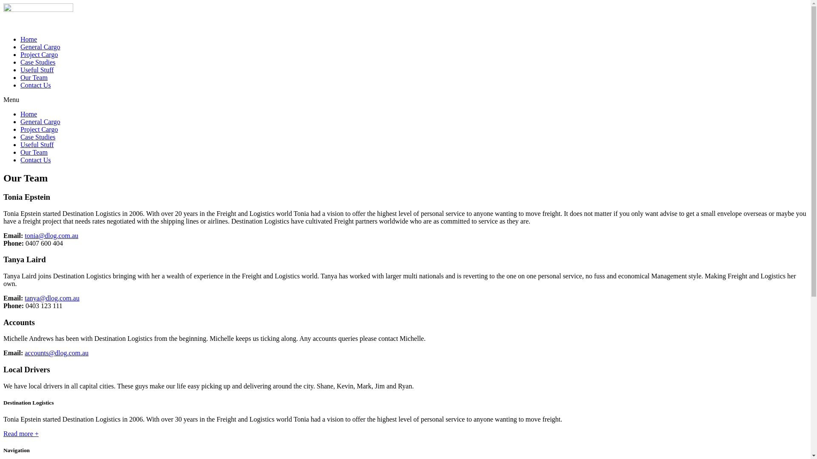 The height and width of the screenshot is (459, 817). I want to click on 'tanya@dlog.com.au', so click(24, 297).